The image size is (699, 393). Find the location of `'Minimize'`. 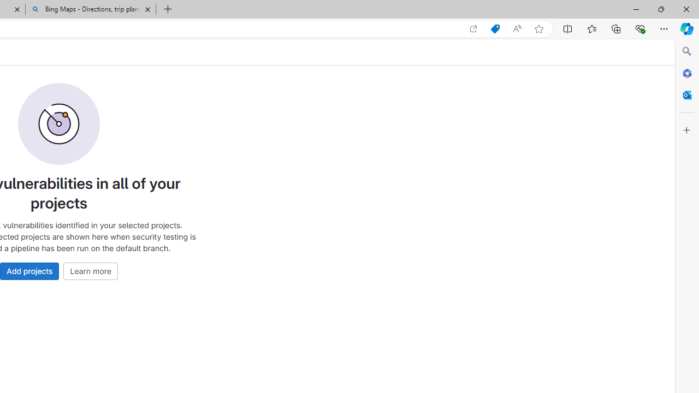

'Minimize' is located at coordinates (636, 9).